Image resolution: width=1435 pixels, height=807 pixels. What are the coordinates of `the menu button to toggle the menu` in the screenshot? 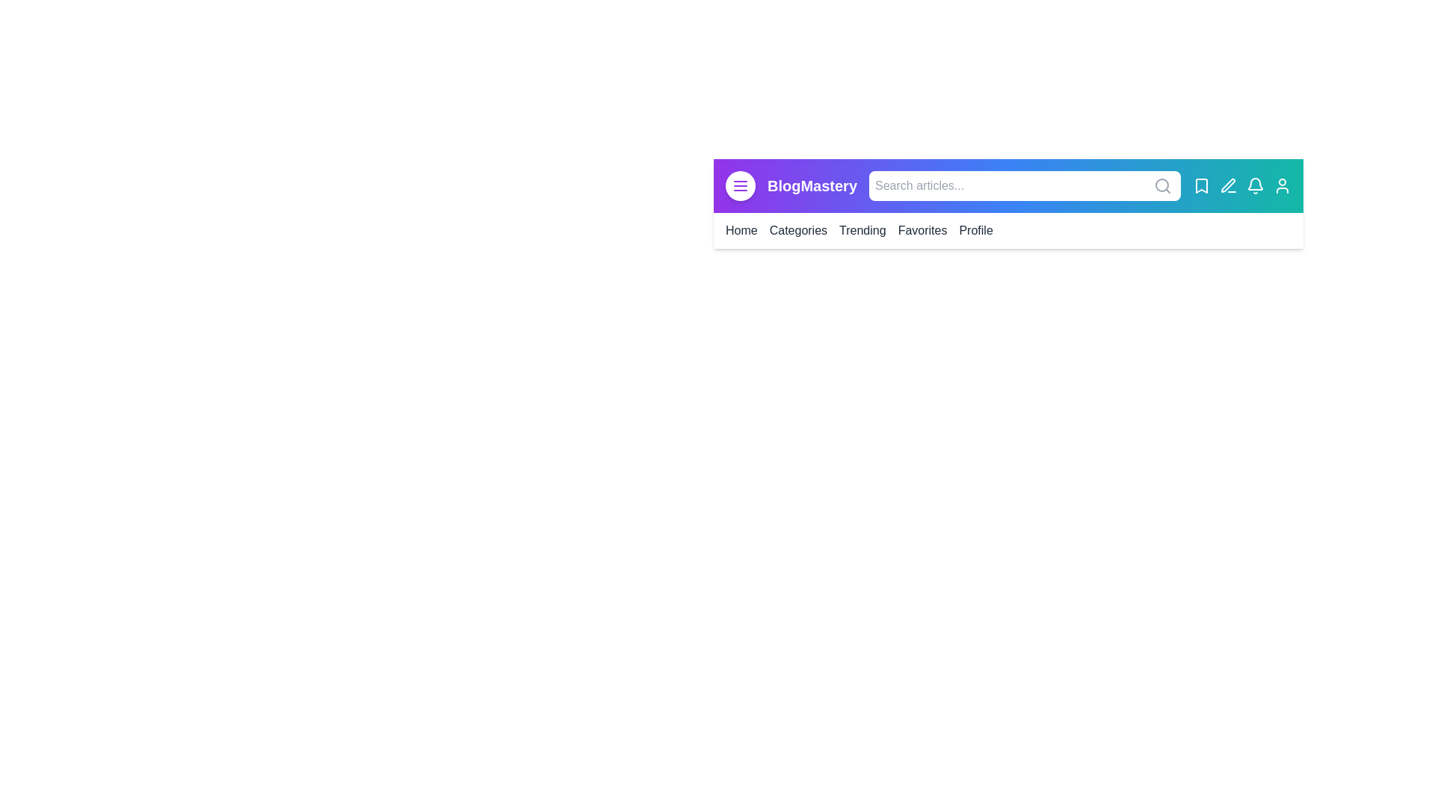 It's located at (740, 185).